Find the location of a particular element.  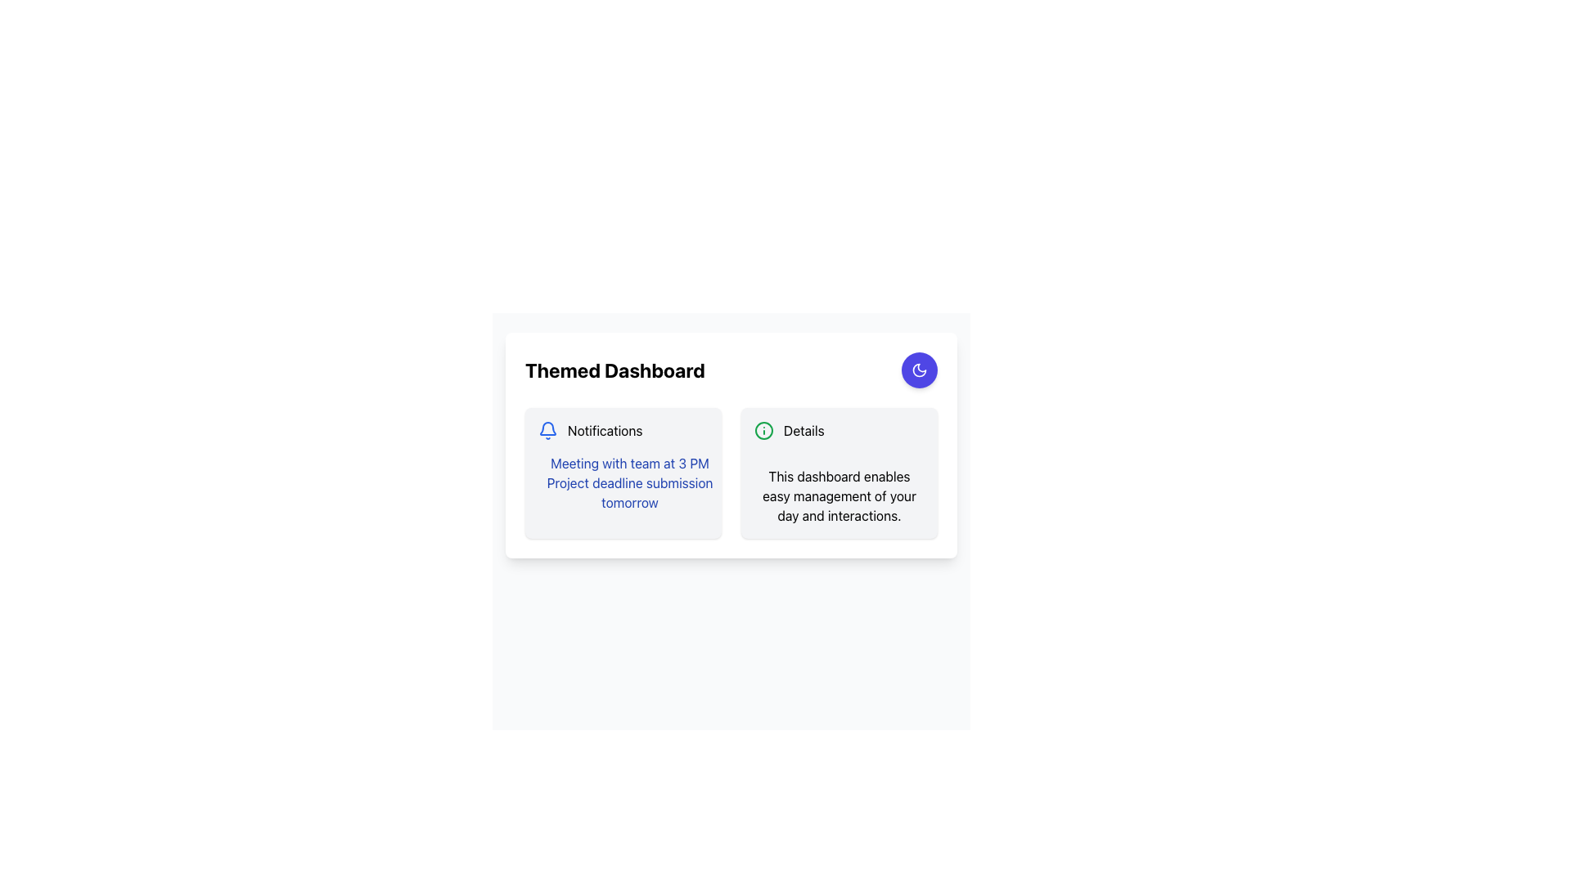

the 'Details' text label, which is styled in a standard sans-serif font and is located next to a circular green icon with an 'i' symbol, in the right section of a card-like layout within the dashboard interface is located at coordinates (804, 430).